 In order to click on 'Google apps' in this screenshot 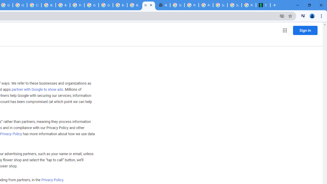, I will do `click(284, 30)`.